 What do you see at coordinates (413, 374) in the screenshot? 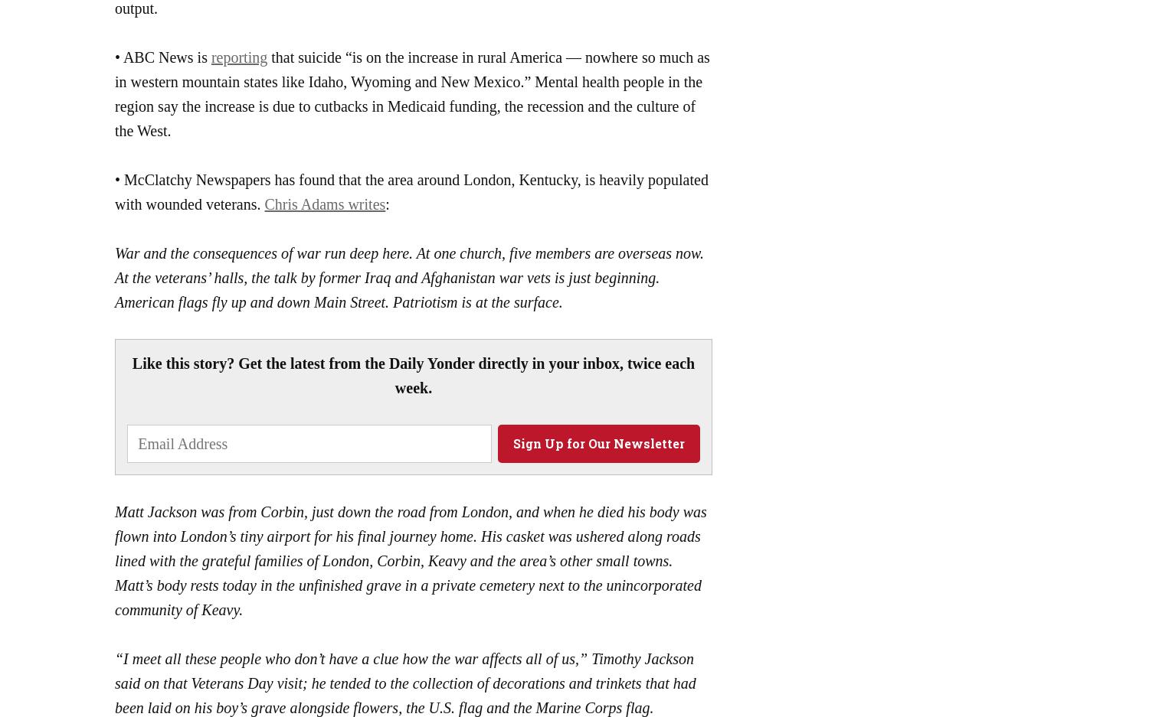
I see `'Like this story? Get the latest from the Daily Yonder directly in your inbox, twice each week.'` at bounding box center [413, 374].